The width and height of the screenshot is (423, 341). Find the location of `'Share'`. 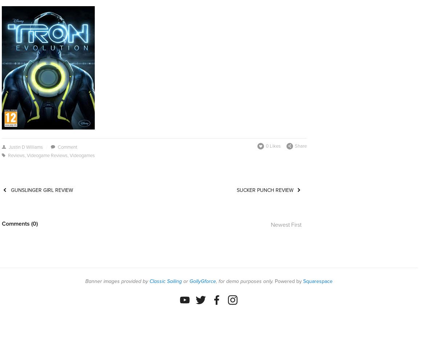

'Share' is located at coordinates (300, 145).